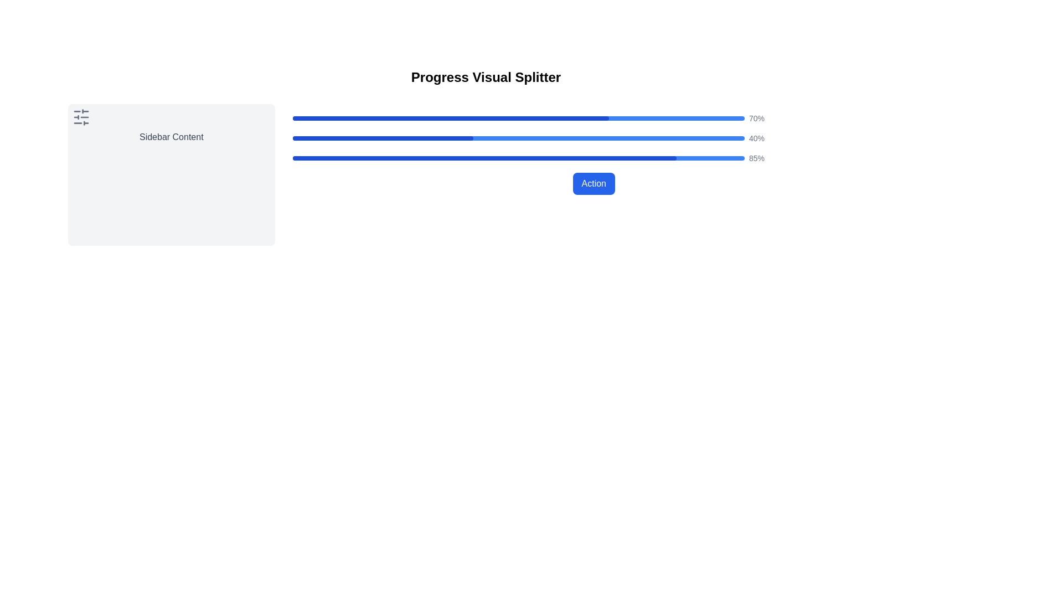  What do you see at coordinates (518, 118) in the screenshot?
I see `the first progress bar, which is a blue gradient rectangular bar with rounded edges, located below the heading 'Progress Visual Splitter' and has a percentage text '70%' aligned to its right` at bounding box center [518, 118].